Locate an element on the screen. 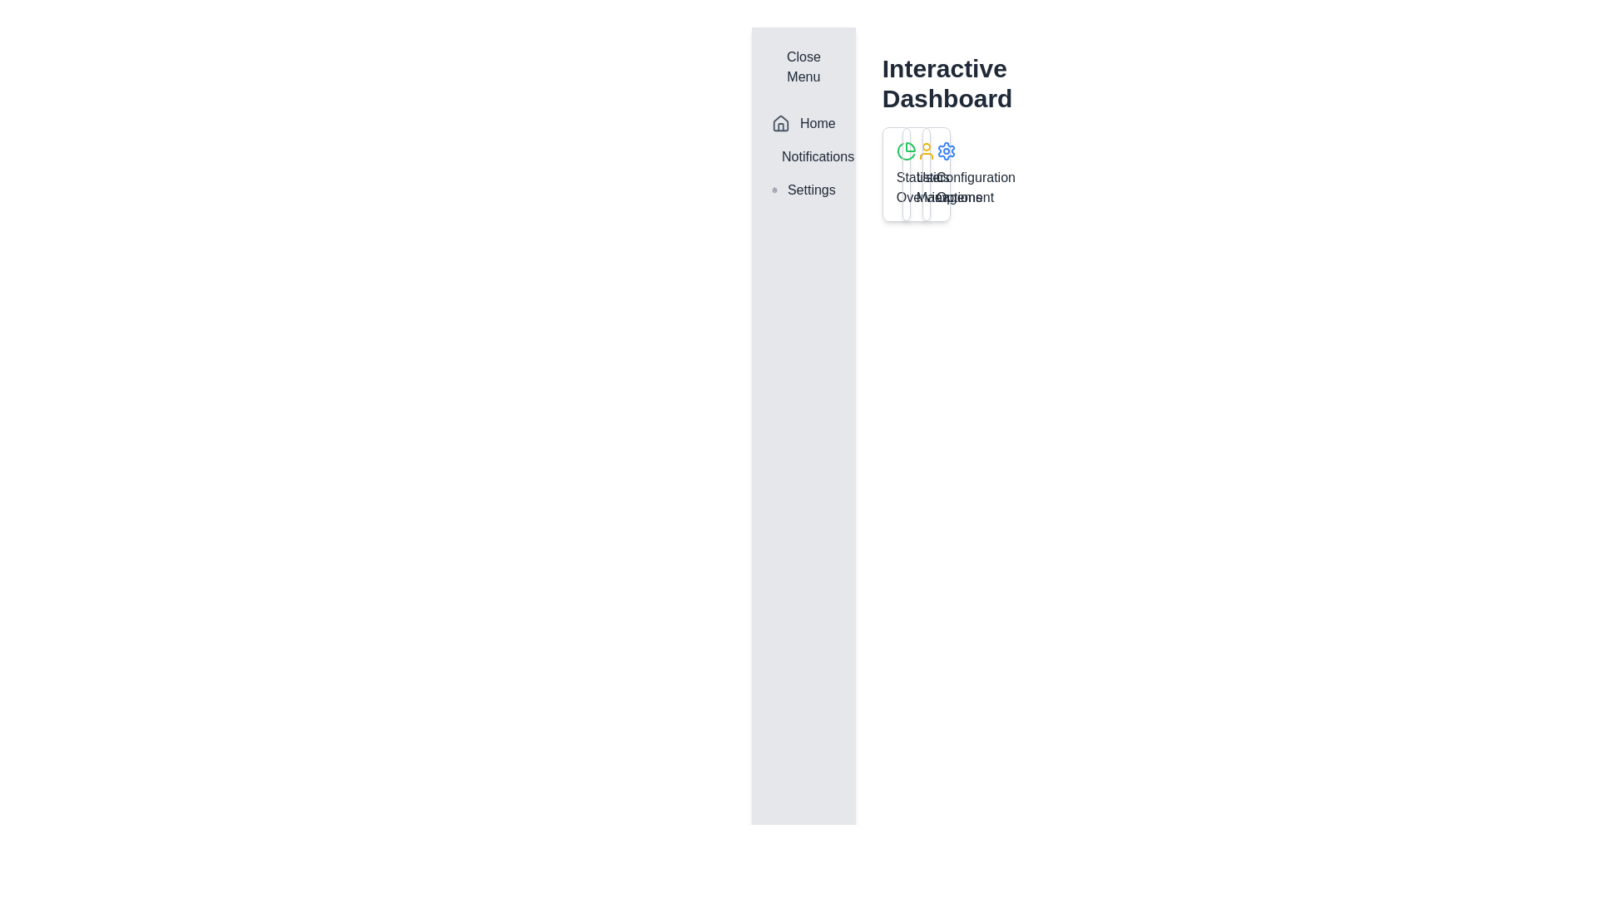 The width and height of the screenshot is (1597, 898). the 'Notifications' navigation menu item is located at coordinates (803, 157).